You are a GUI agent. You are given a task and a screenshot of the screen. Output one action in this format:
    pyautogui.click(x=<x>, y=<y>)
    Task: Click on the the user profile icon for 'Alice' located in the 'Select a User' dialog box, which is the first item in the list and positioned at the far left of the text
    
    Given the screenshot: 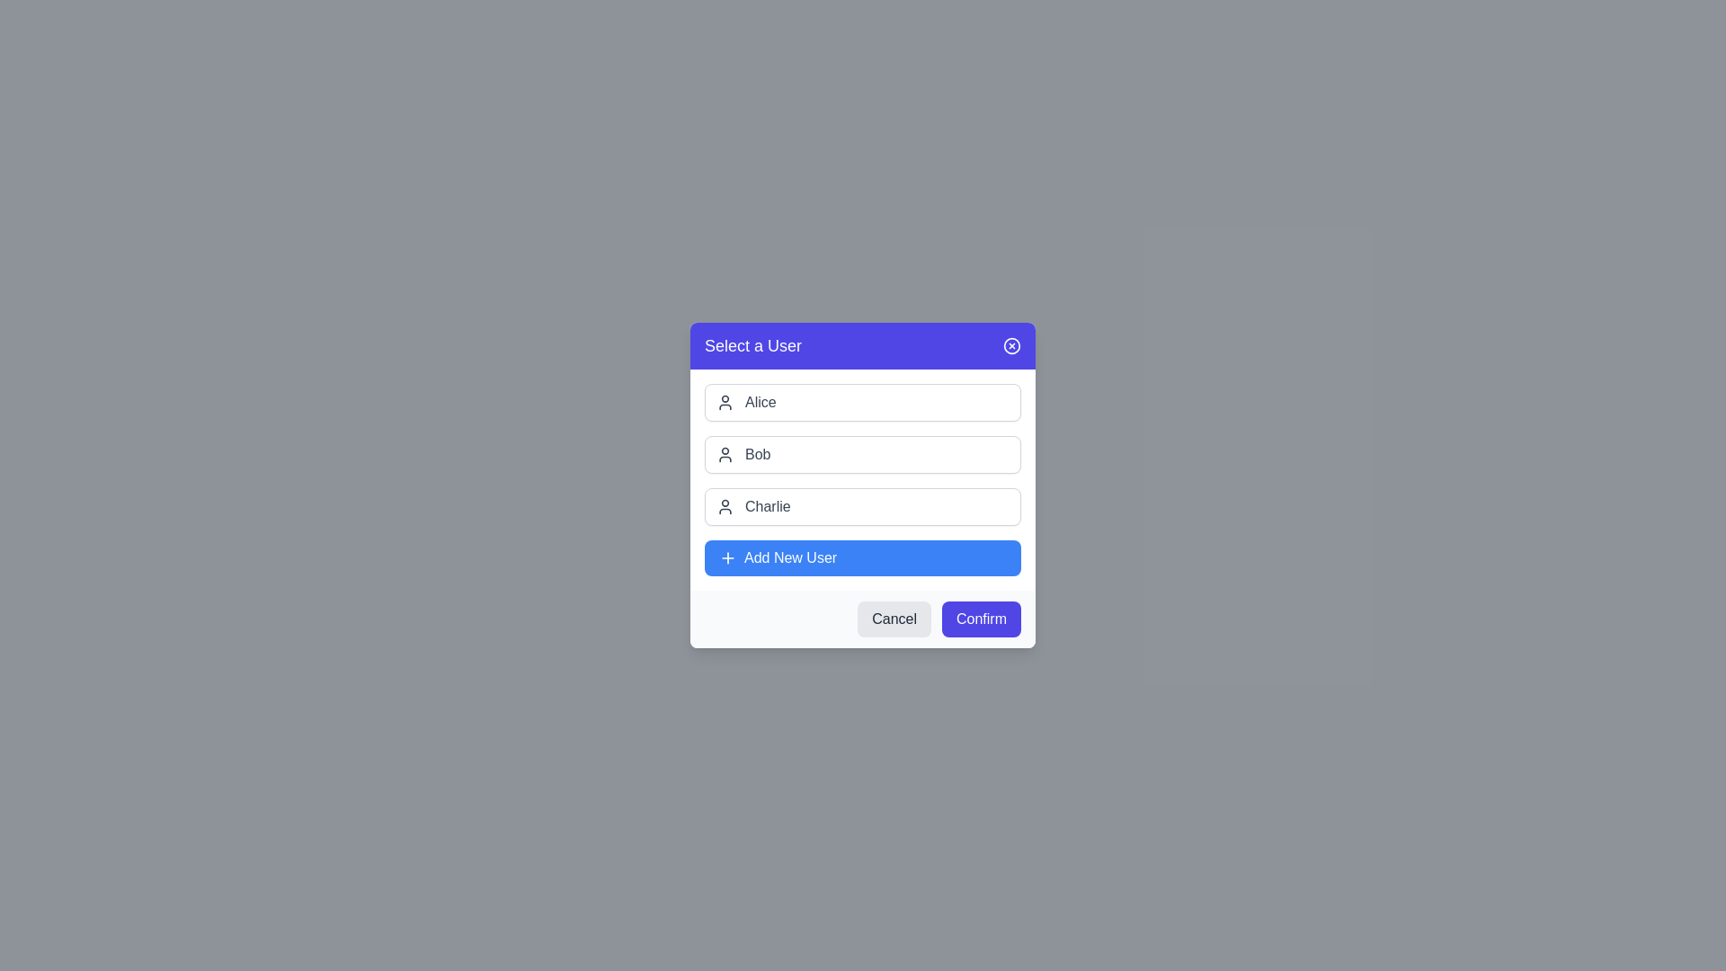 What is the action you would take?
    pyautogui.click(x=725, y=401)
    